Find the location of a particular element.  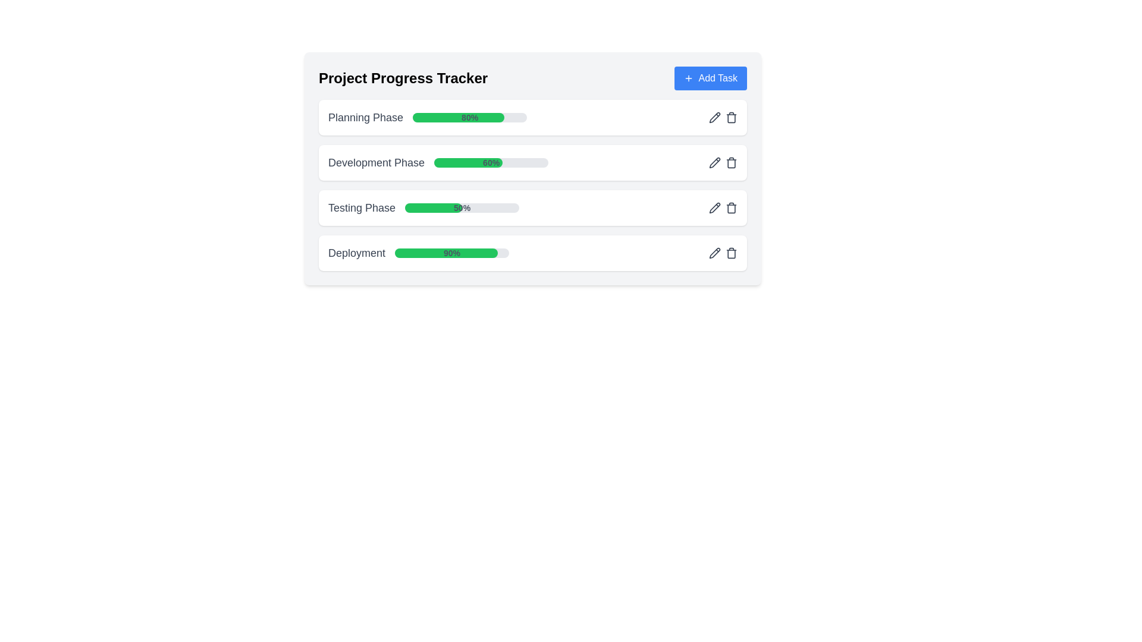

the remove task button, which is the second icon on the far right of the task row in the list is located at coordinates (730, 117).